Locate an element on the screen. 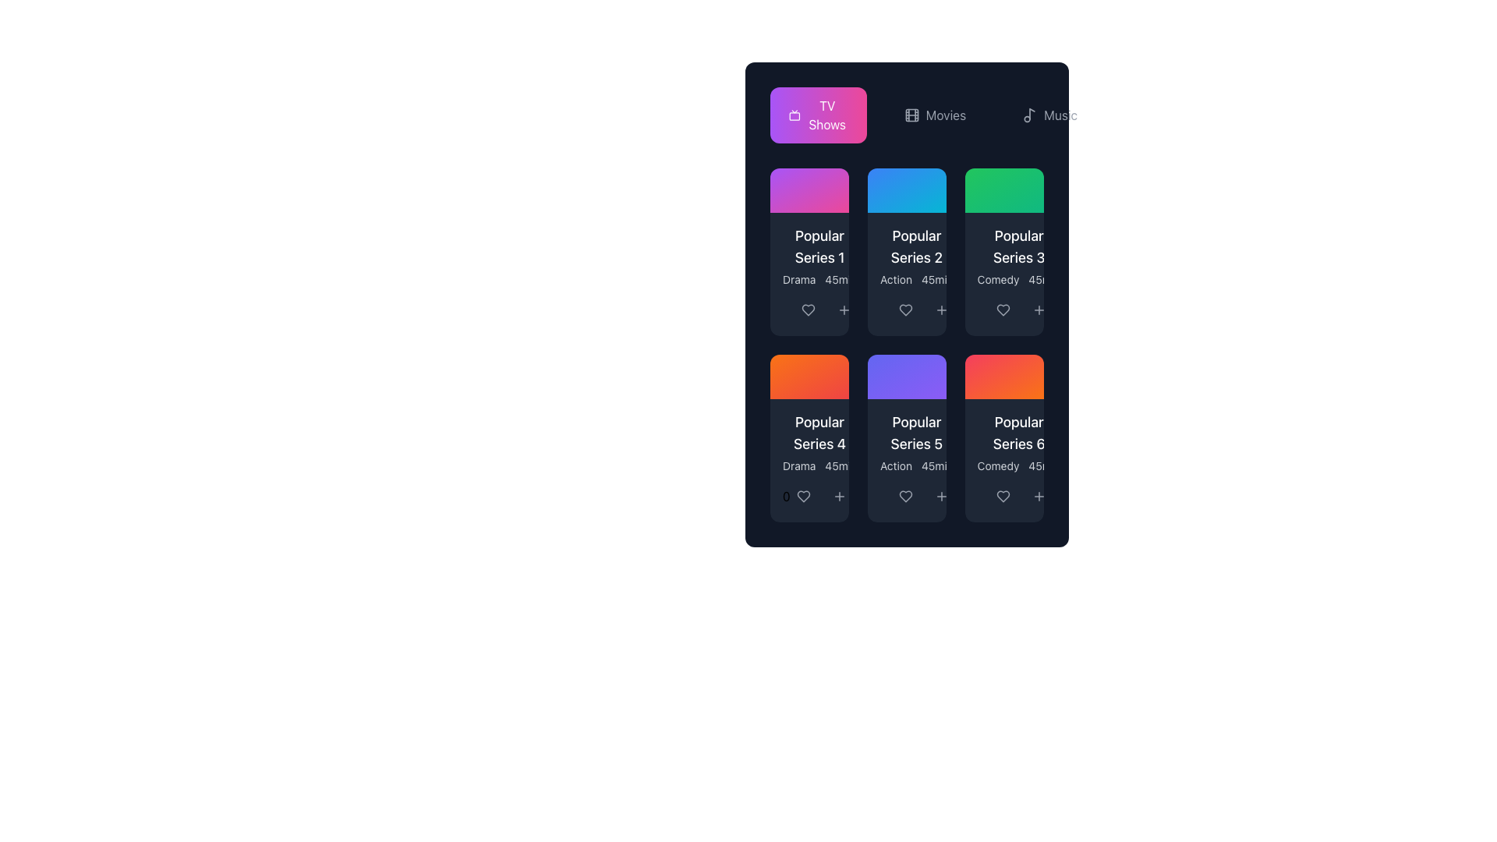 This screenshot has height=842, width=1497. the small plus icon button located below the card titled 'Popular Series 1', the second button in a horizontal group of three buttons, to change its color to white is located at coordinates (844, 310).